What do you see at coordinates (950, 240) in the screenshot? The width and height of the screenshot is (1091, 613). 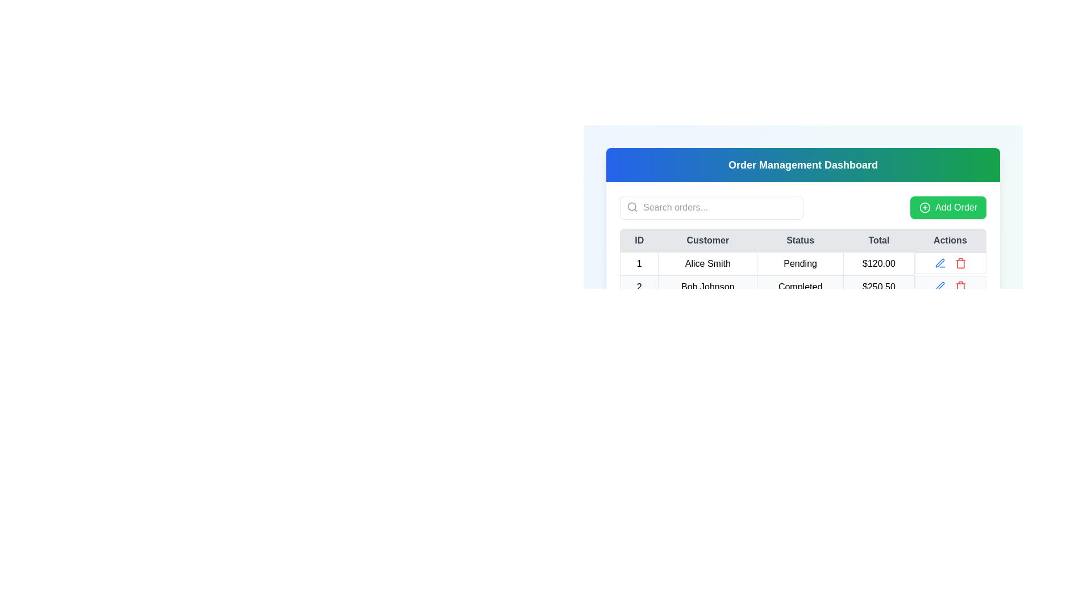 I see `the Text Label that serves as a header for a column in a table, located at the far right of the row containing headers for 'ID,' 'Customer,' 'Status,' and 'Total.'` at bounding box center [950, 240].